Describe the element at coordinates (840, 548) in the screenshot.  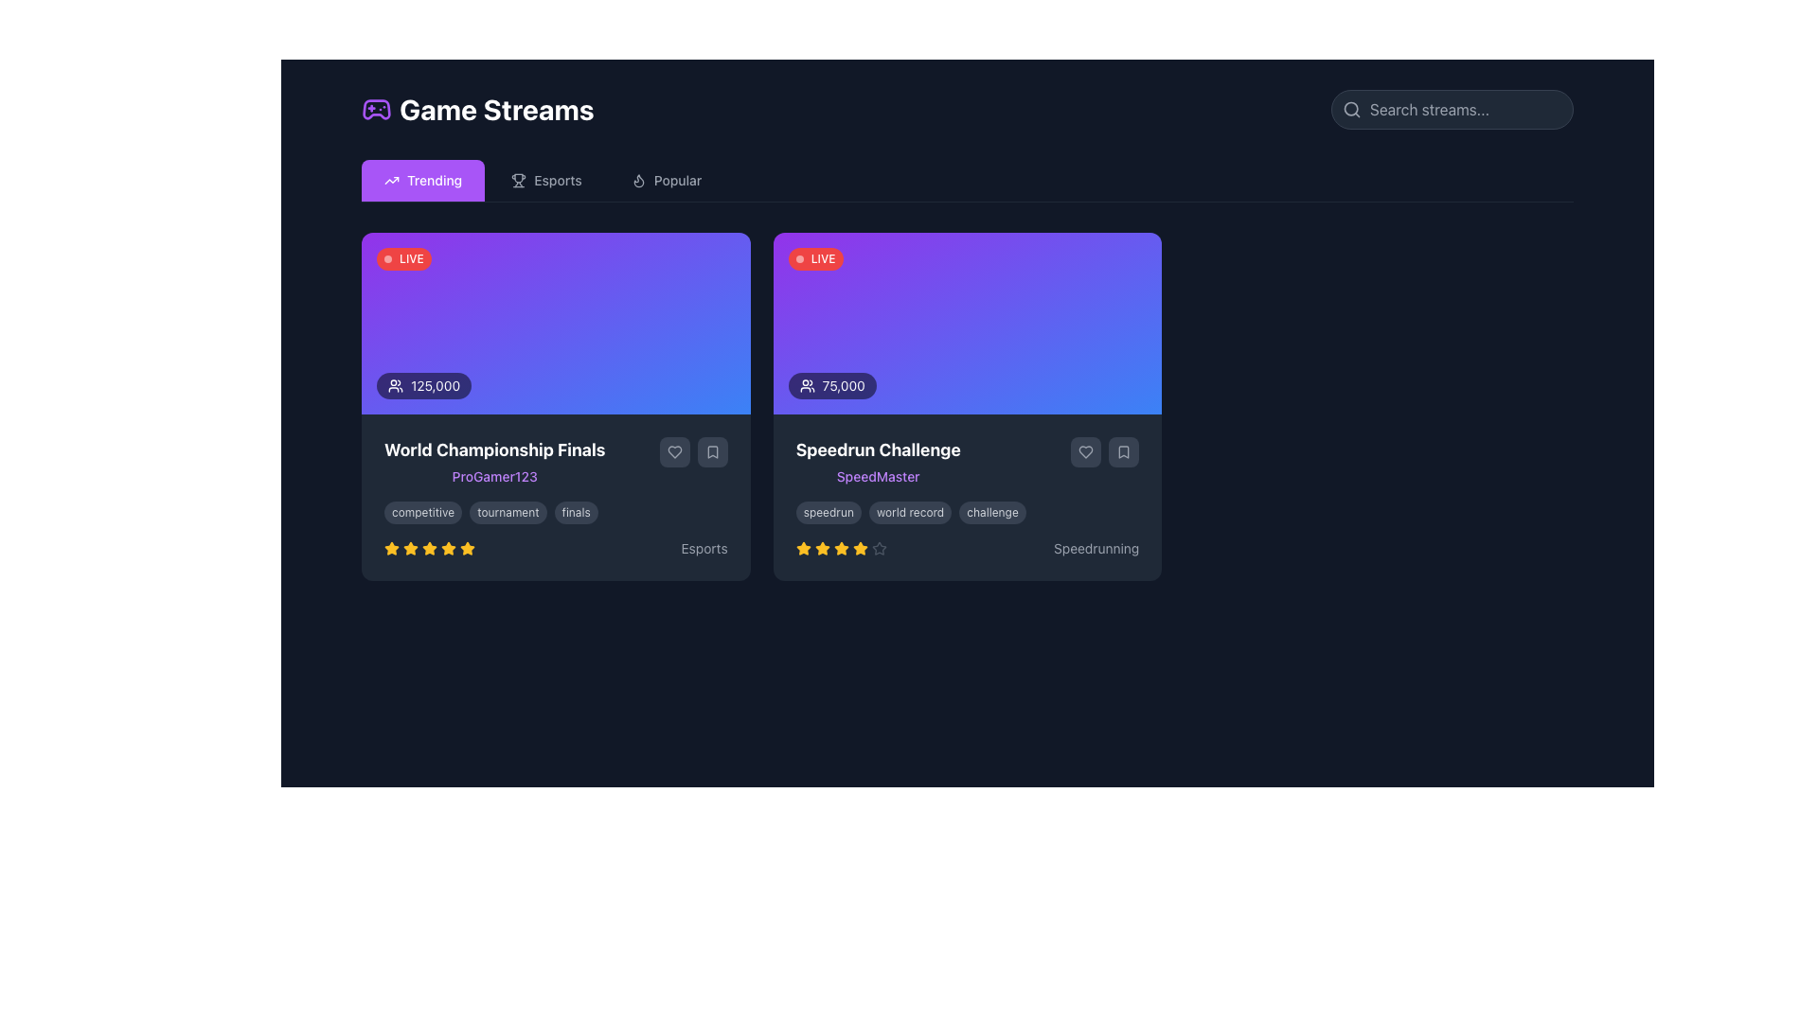
I see `the fifth star icon in the rating system within the 'Speedrun Challenge' card to rate it` at that location.